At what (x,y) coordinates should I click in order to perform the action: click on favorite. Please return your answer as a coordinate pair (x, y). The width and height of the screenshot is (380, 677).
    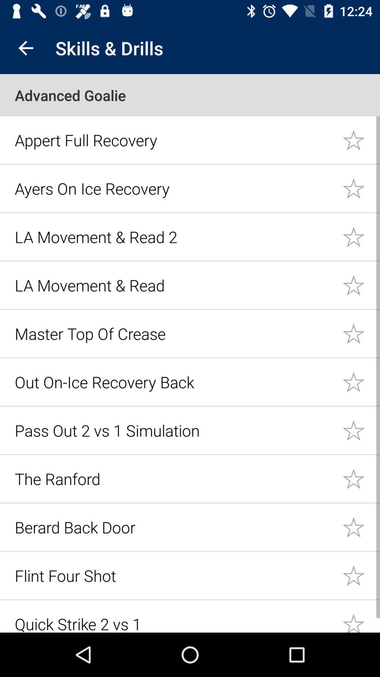
    Looking at the image, I should click on (361, 333).